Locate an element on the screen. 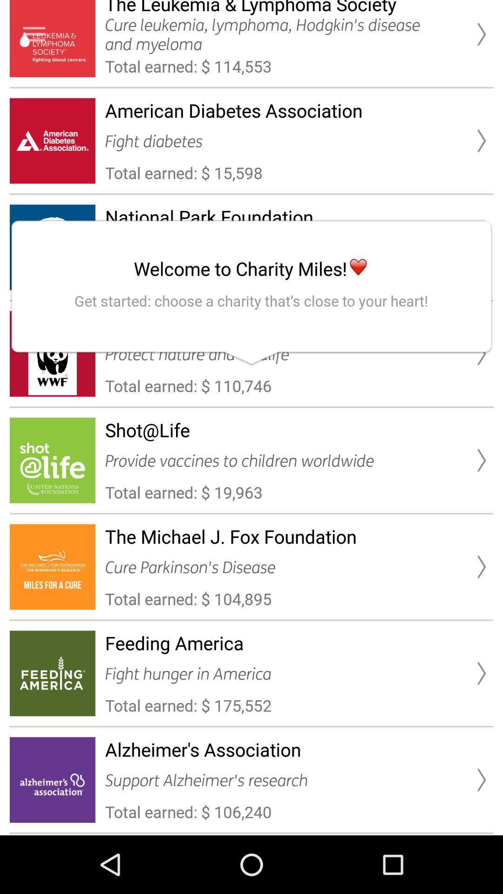 The height and width of the screenshot is (894, 503). charity thumbnail is located at coordinates (34, 34).